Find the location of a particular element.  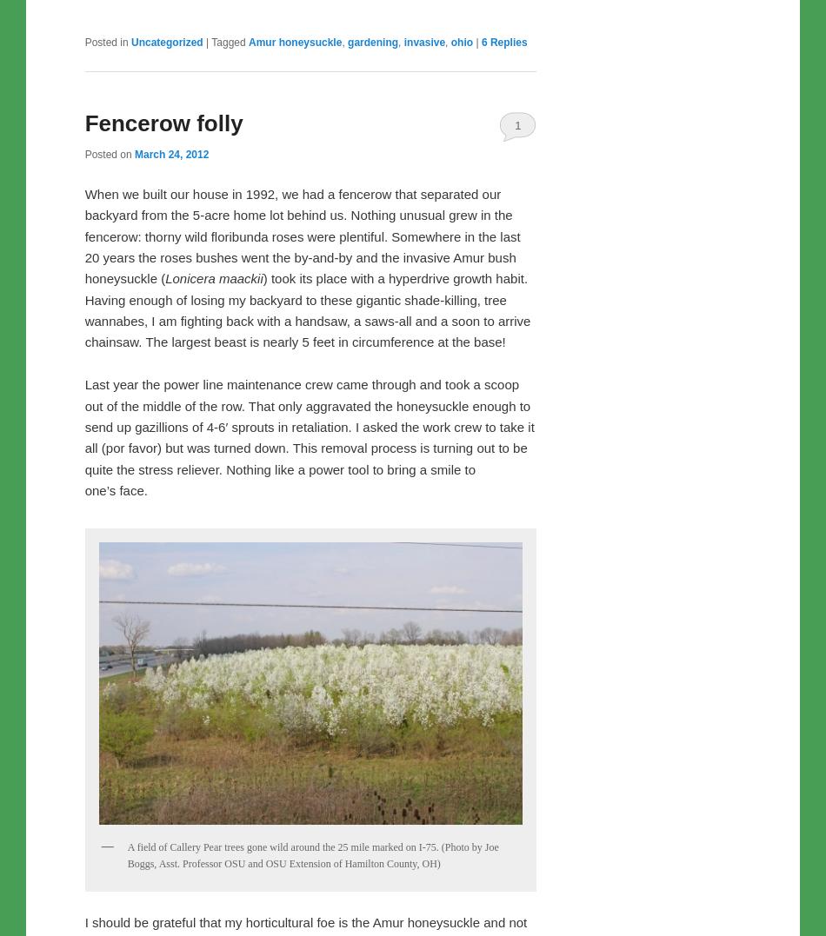

'Uncategorized' is located at coordinates (166, 42).